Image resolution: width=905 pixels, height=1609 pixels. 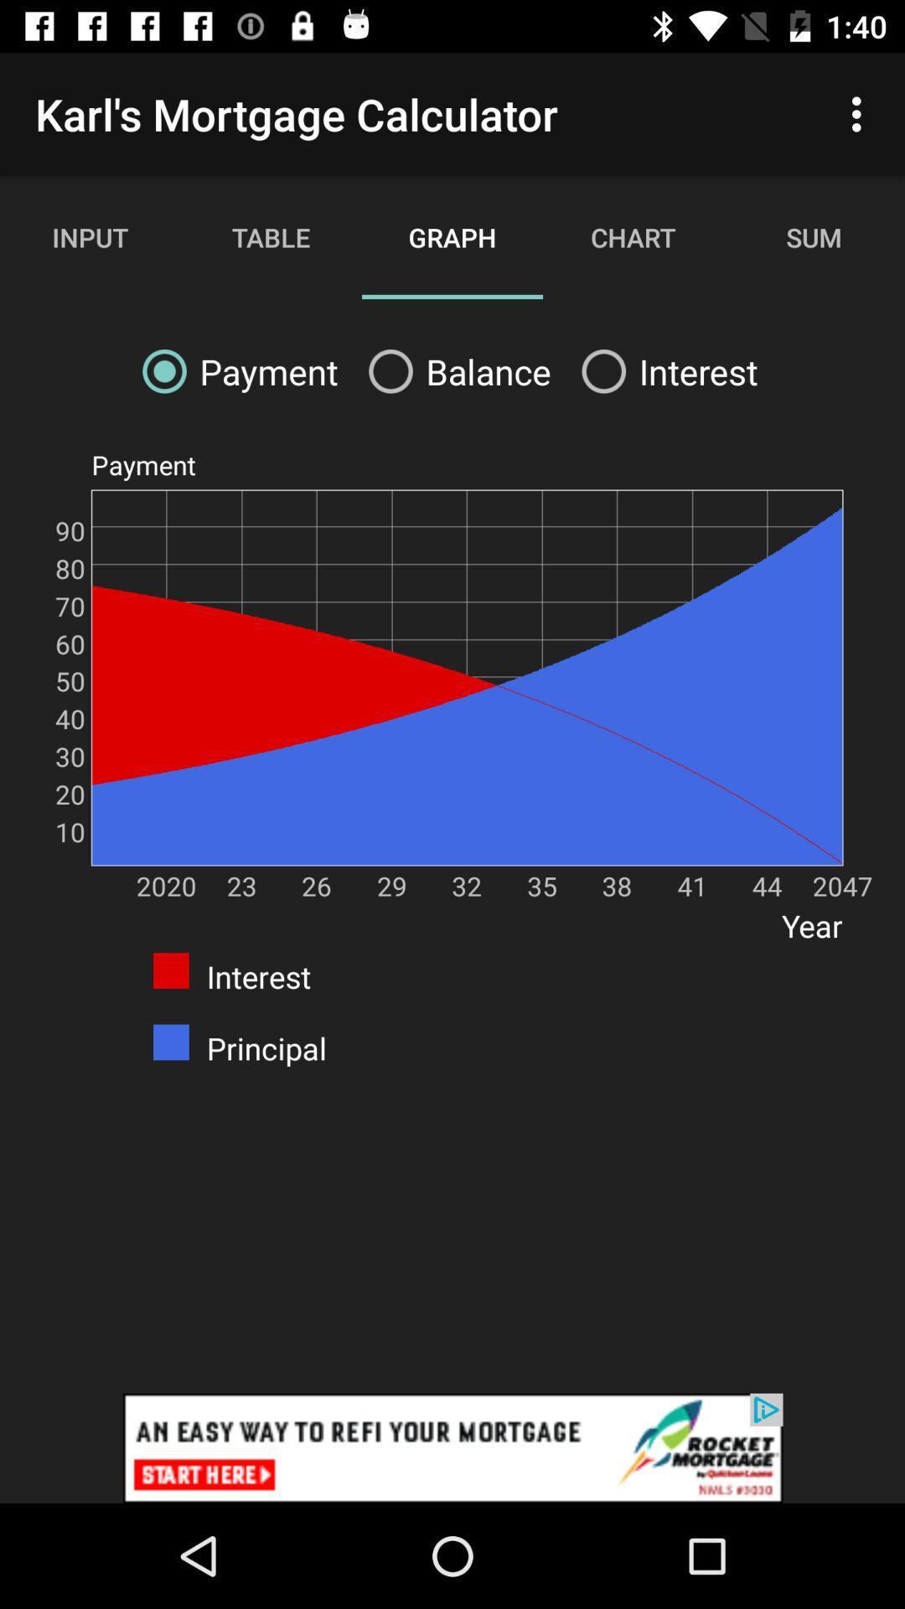 What do you see at coordinates (452, 1447) in the screenshot?
I see `click discriiption` at bounding box center [452, 1447].